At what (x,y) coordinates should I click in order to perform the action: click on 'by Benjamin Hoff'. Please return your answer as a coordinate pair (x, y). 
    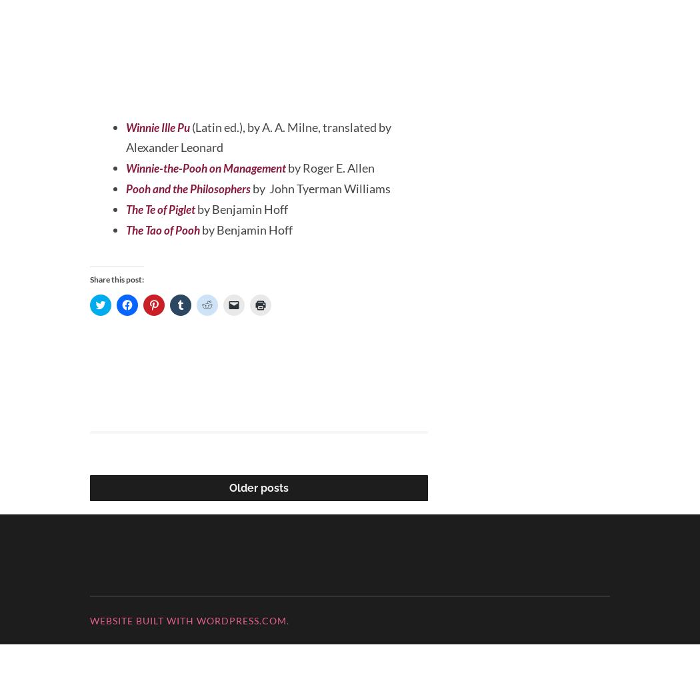
    Looking at the image, I should click on (250, 277).